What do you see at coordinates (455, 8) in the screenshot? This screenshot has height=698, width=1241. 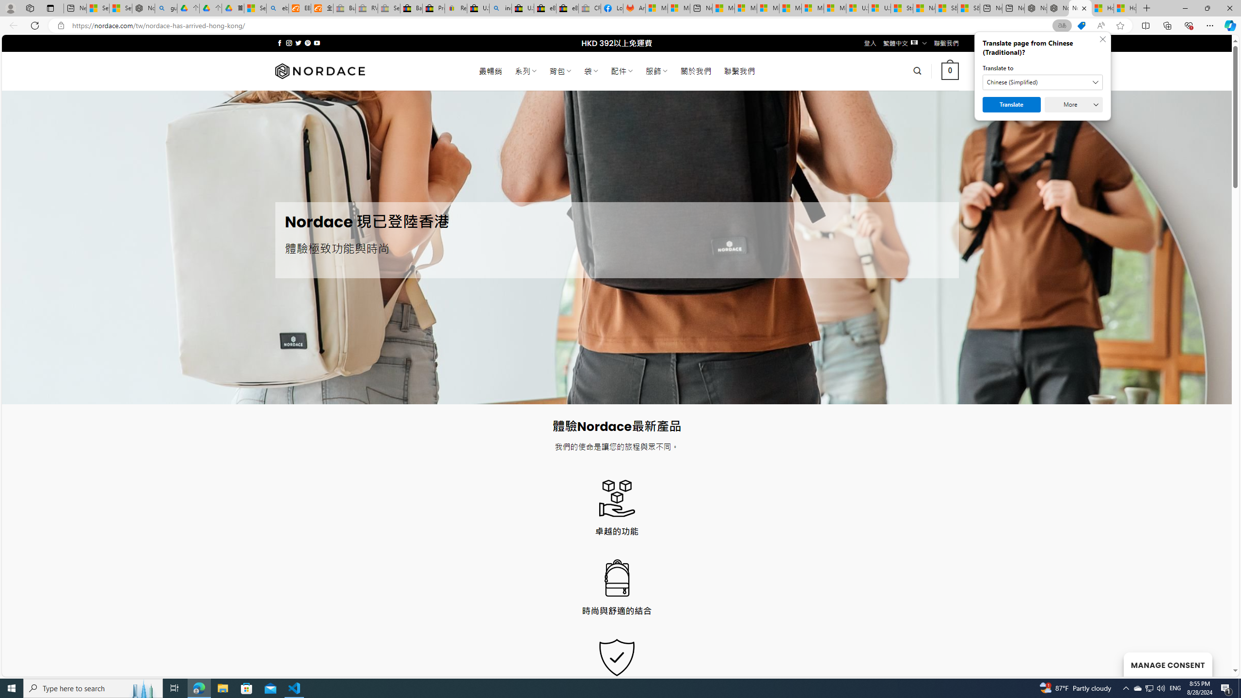 I see `'Register: Create a personal eBay account'` at bounding box center [455, 8].